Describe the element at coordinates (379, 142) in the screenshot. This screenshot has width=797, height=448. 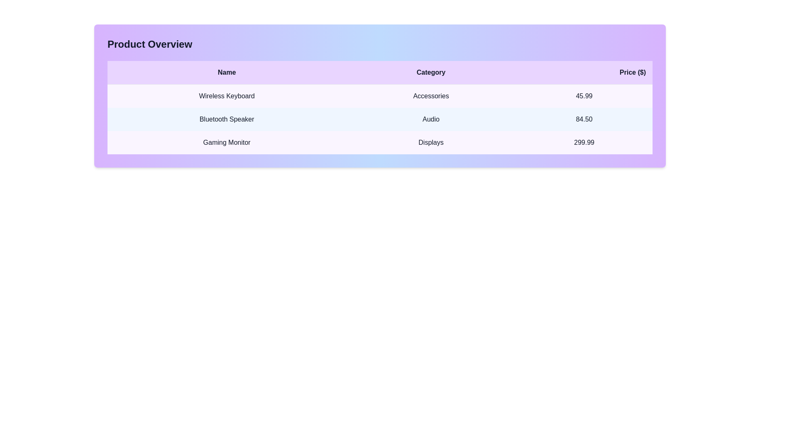
I see `the third row of the table containing 'Gaming Monitor', 'Displays', and '299.99' for more details if interactive` at that location.